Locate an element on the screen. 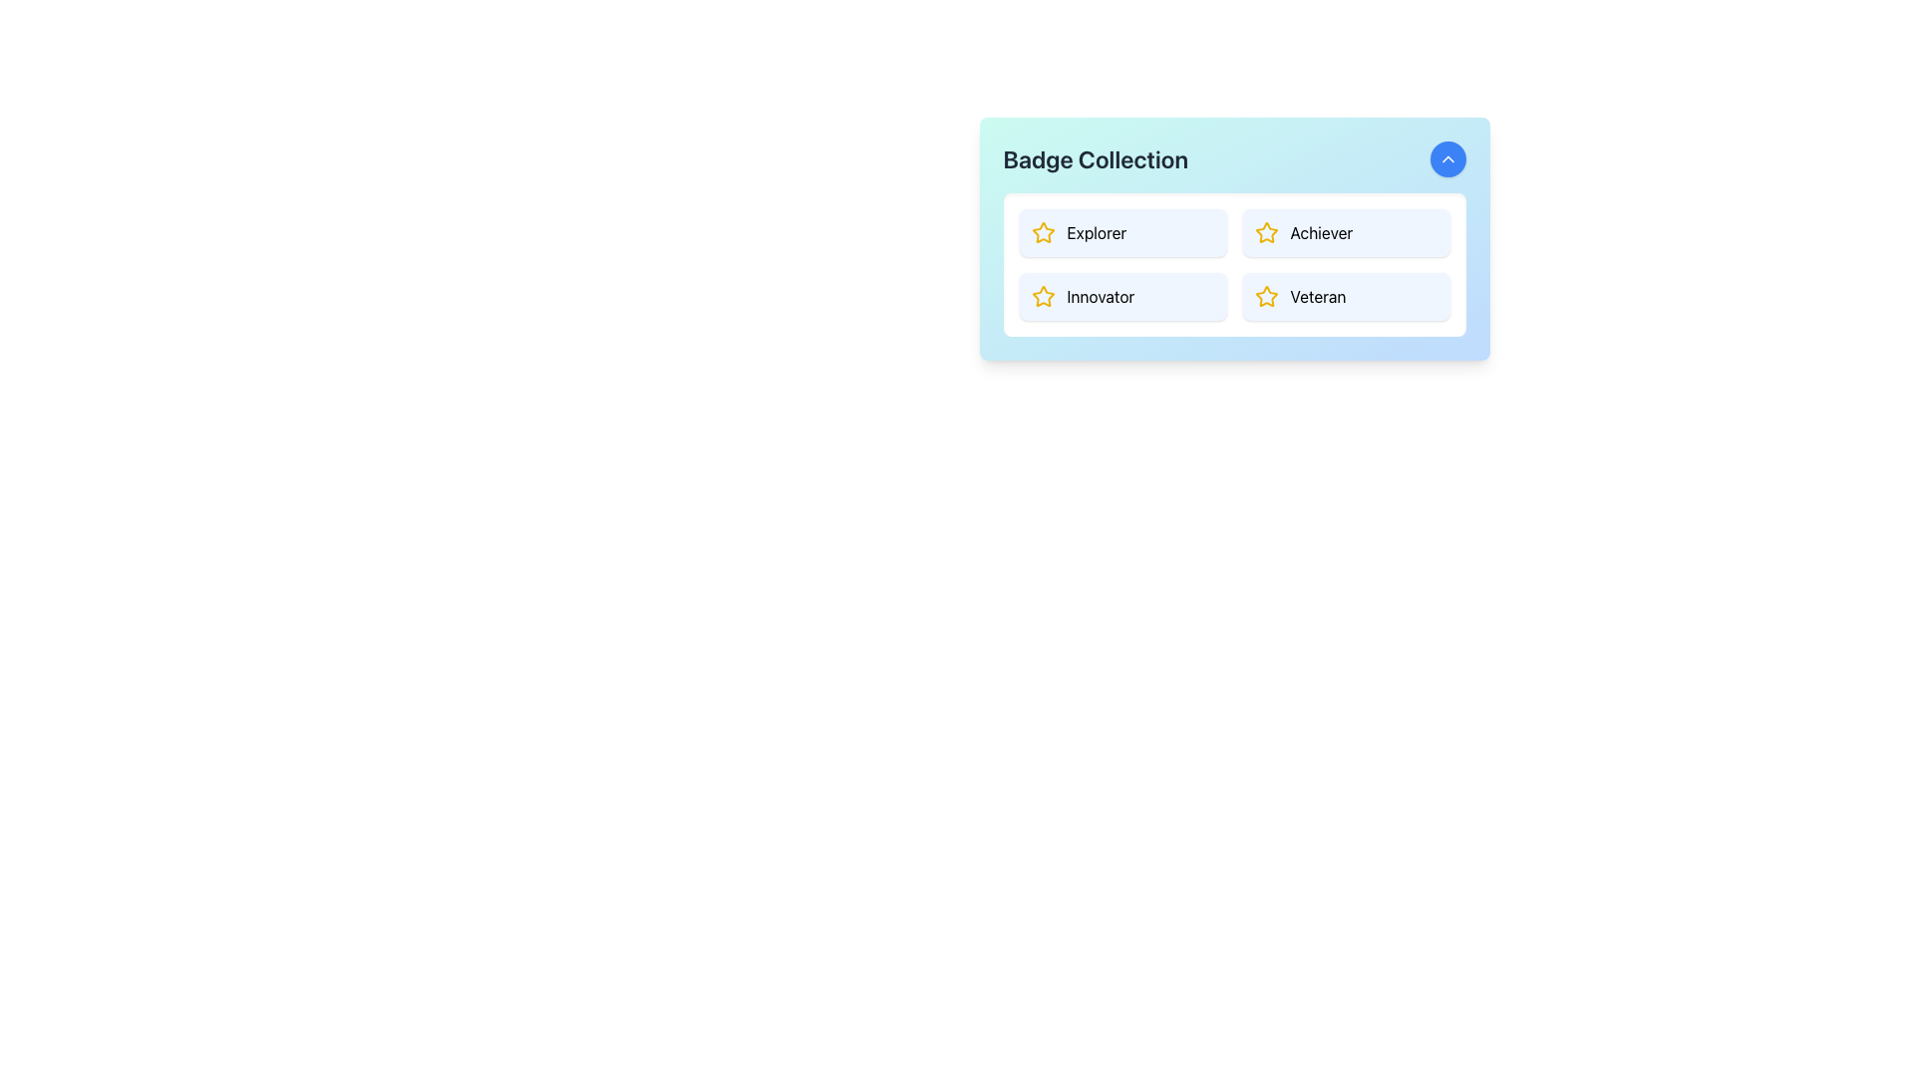  the star icon with a yellow fill located to the left of the 'Explorer' text in the 'Badge Collection' widget is located at coordinates (1042, 232).